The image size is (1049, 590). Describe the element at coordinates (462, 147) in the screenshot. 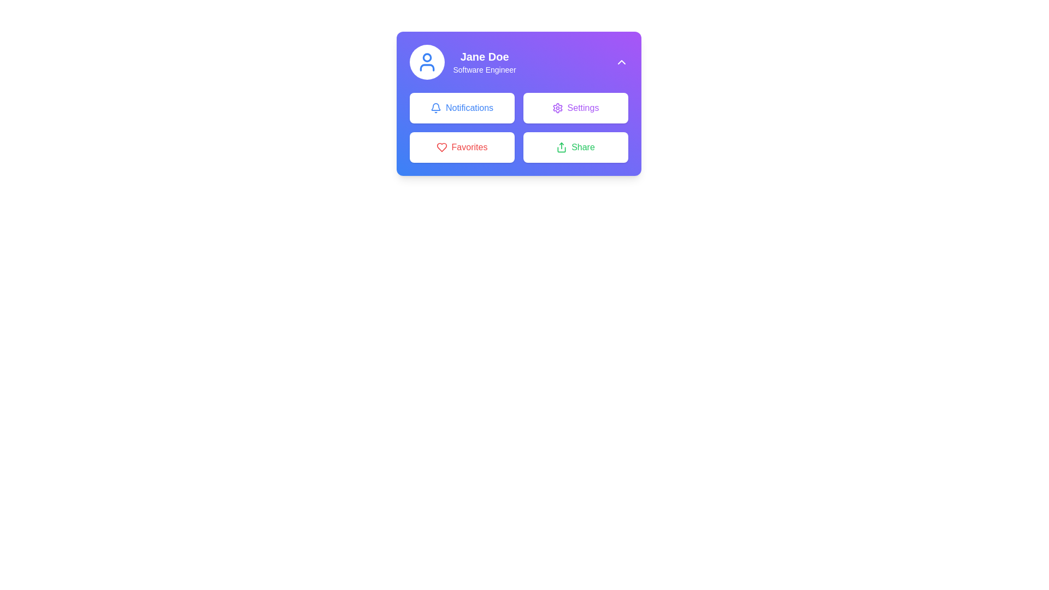

I see `the 'Favorites' button, which is a rectangular button with a white background, a red border, and a red heart icon on the left, located in the bottom-left corner of the grid layout` at that location.